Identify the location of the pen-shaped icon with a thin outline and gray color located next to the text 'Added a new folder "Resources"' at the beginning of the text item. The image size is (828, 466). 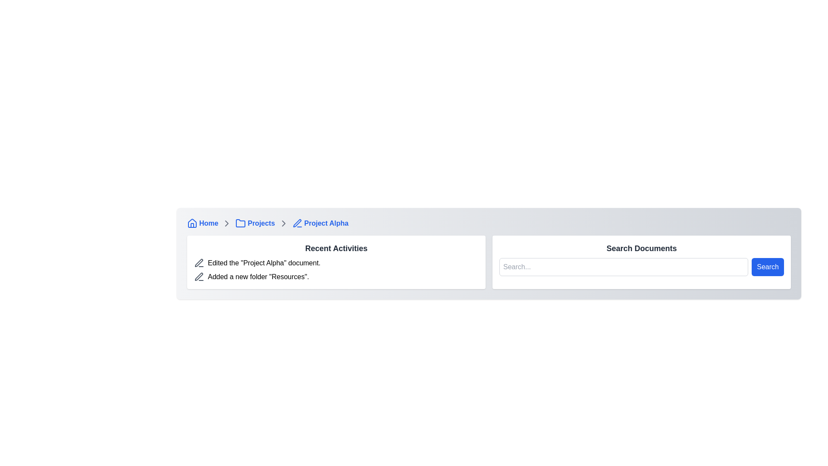
(198, 277).